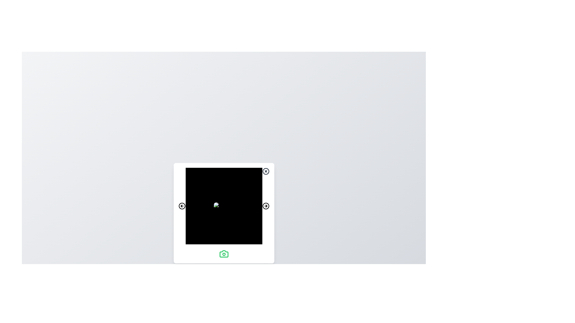 The height and width of the screenshot is (323, 575). What do you see at coordinates (265, 206) in the screenshot?
I see `the circle SVG element that is part of the circular arrow icon on the right side of the modal view` at bounding box center [265, 206].